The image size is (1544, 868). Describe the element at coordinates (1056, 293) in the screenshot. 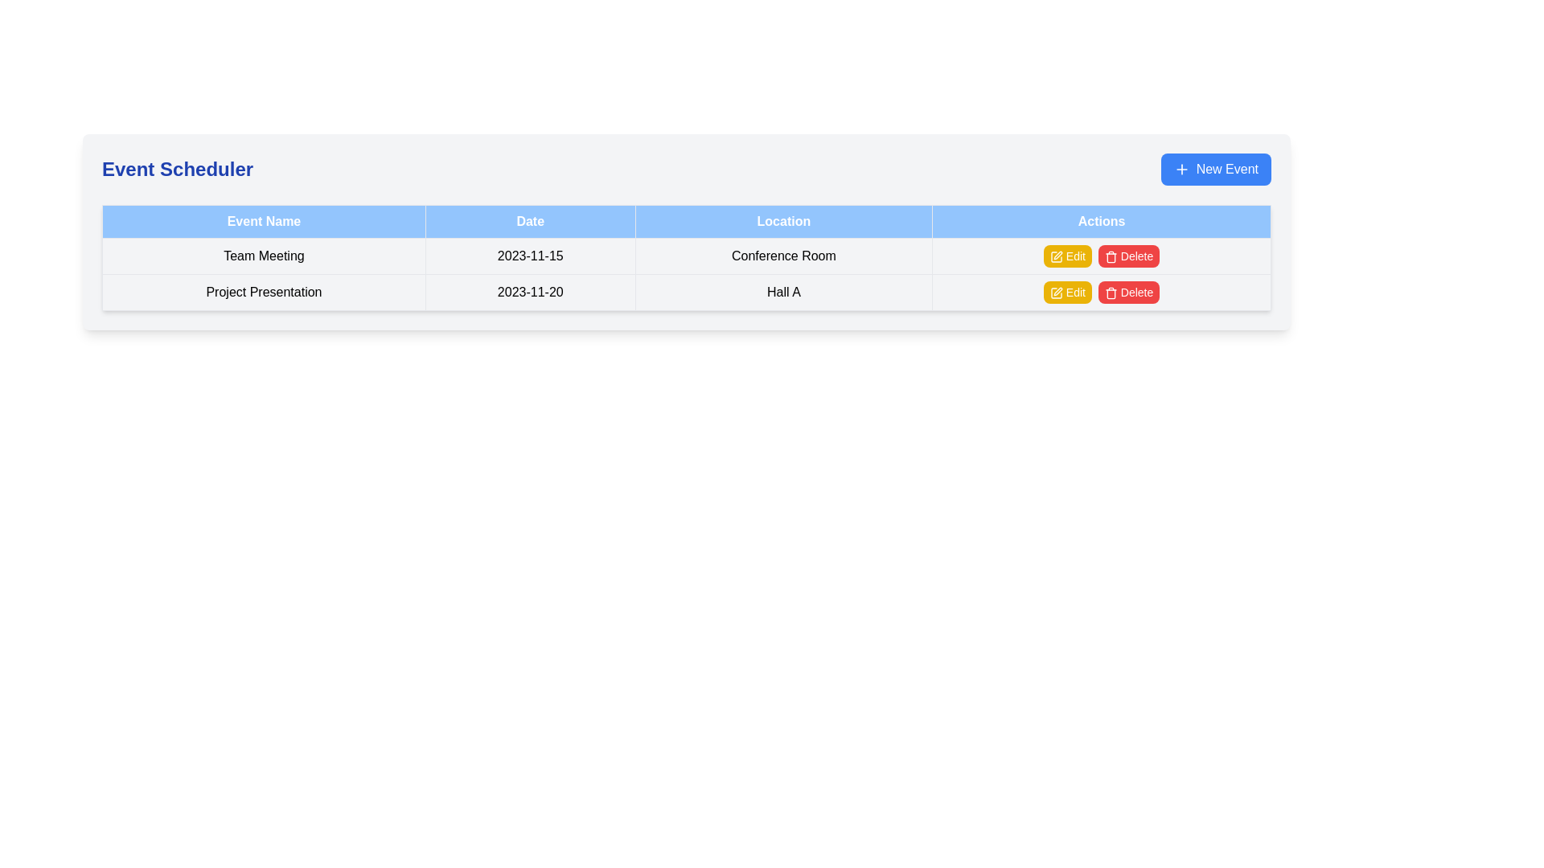

I see `the small yellow square button with a pen symbol in the 'Actions' column of the table, aligned with the second row for 'Project Presentation', to initiate editing` at that location.